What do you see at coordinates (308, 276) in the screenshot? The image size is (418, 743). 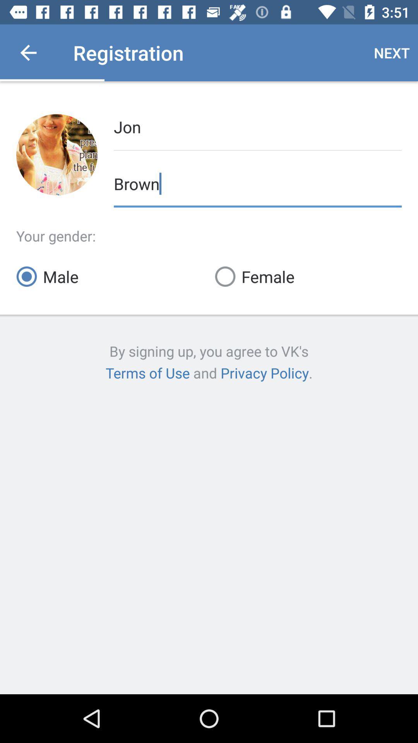 I see `icon below the your gender: item` at bounding box center [308, 276].